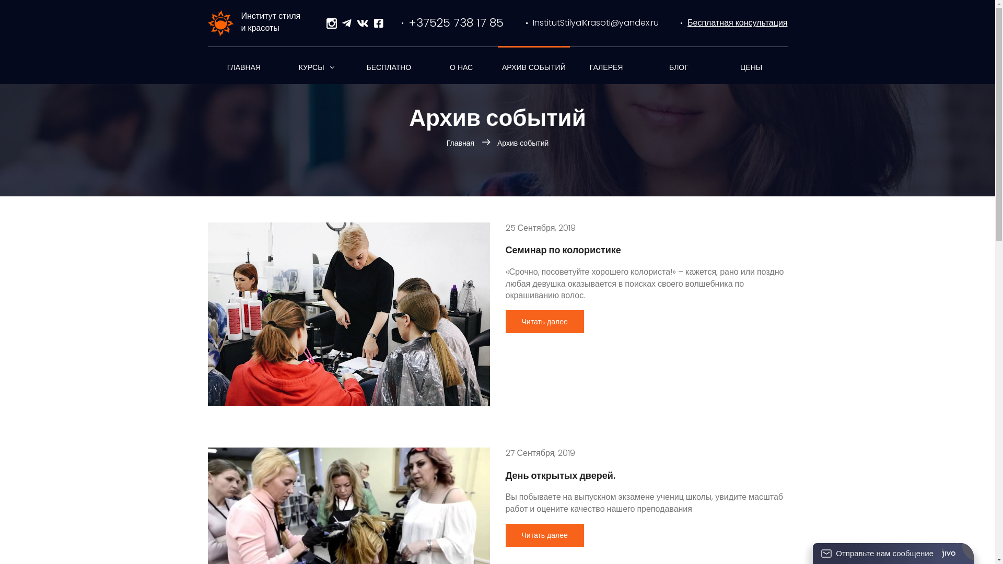 The image size is (1003, 564). I want to click on 'InstitutStilyaIKrasoti@yandex.ru', so click(592, 23).